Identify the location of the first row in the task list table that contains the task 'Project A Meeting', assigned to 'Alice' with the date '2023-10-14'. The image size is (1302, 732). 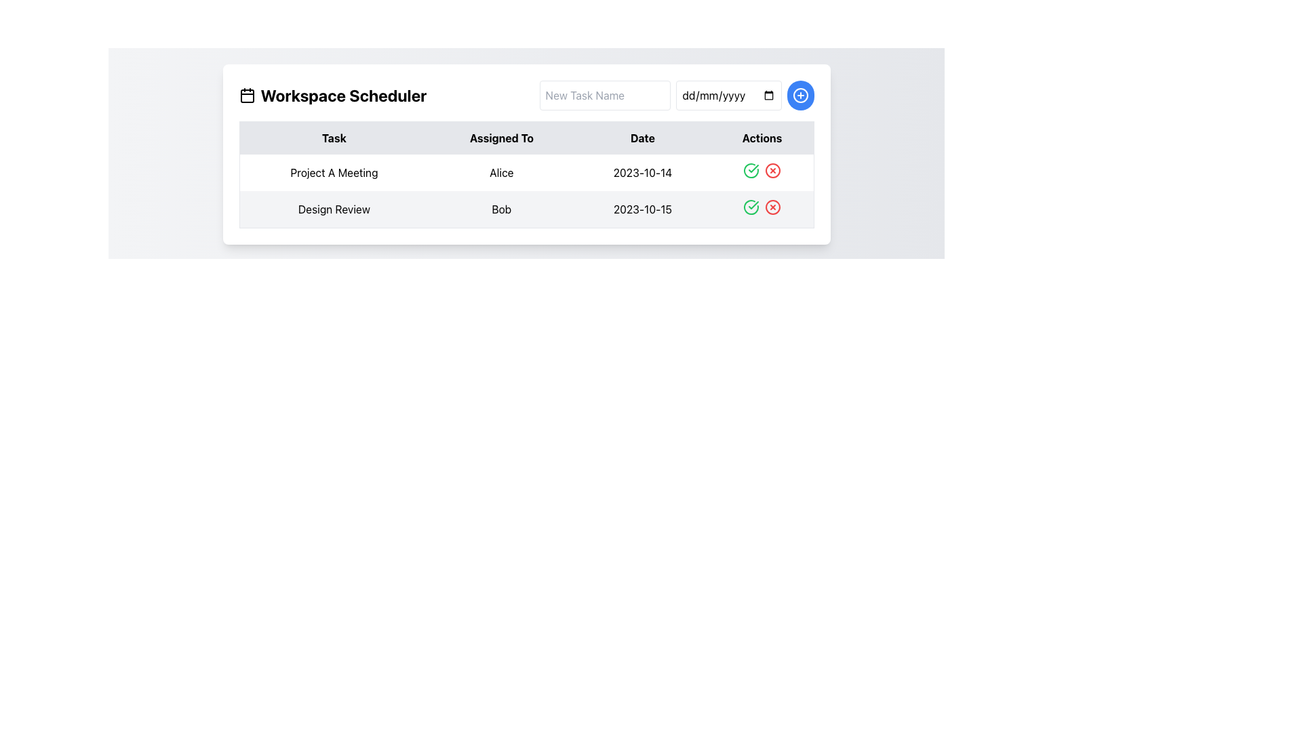
(526, 171).